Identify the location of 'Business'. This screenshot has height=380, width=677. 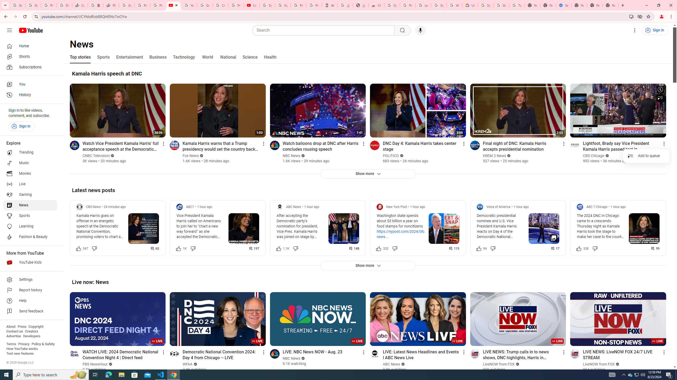
(157, 57).